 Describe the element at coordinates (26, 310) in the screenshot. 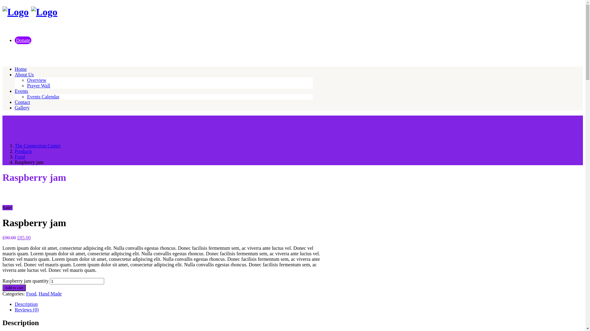

I see `'Reviews (0)'` at that location.